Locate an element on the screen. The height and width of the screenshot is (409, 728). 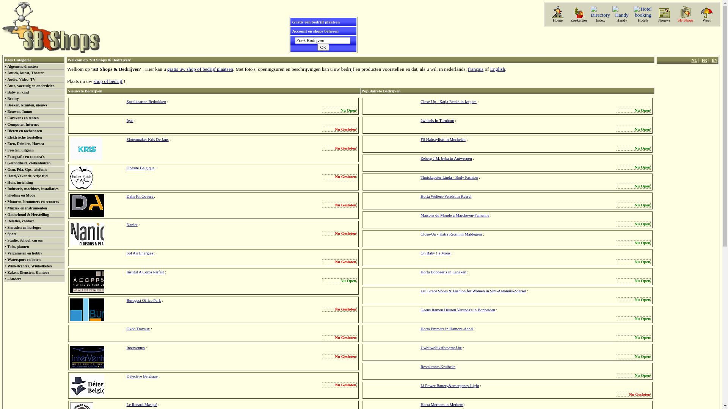
'Zeberg J.M. bvba in Antwerpen' is located at coordinates (446, 158).